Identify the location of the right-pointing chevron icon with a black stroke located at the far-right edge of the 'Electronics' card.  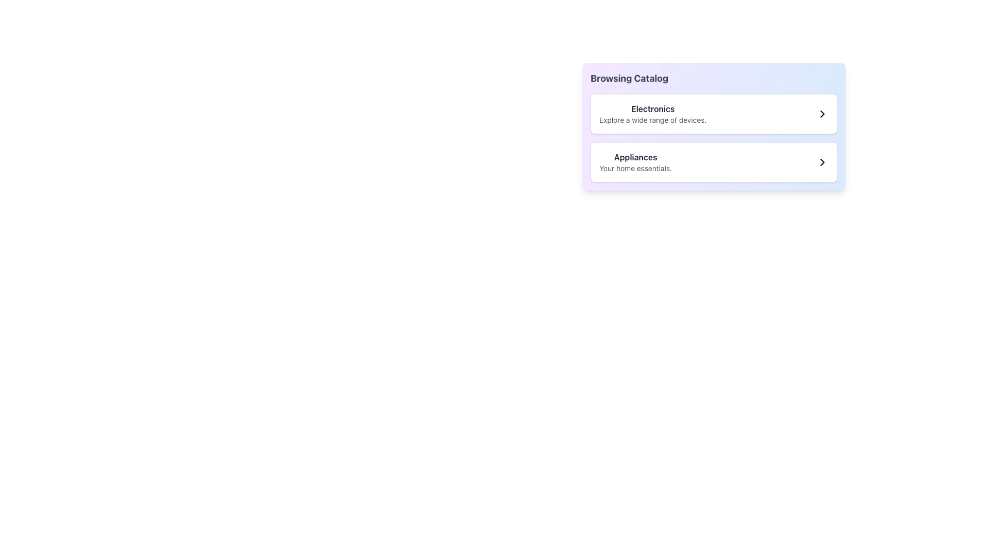
(821, 114).